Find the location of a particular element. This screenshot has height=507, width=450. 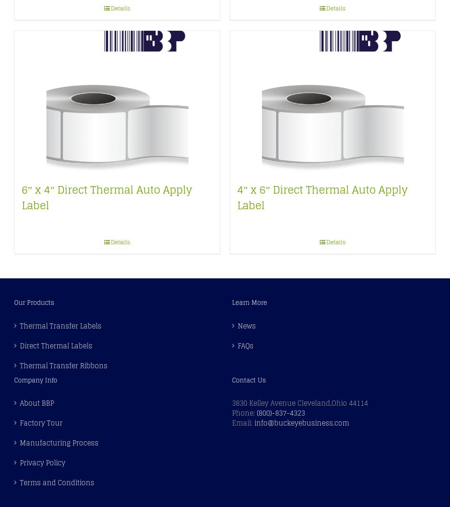

'Thermal Transfer Ribbons' is located at coordinates (63, 365).